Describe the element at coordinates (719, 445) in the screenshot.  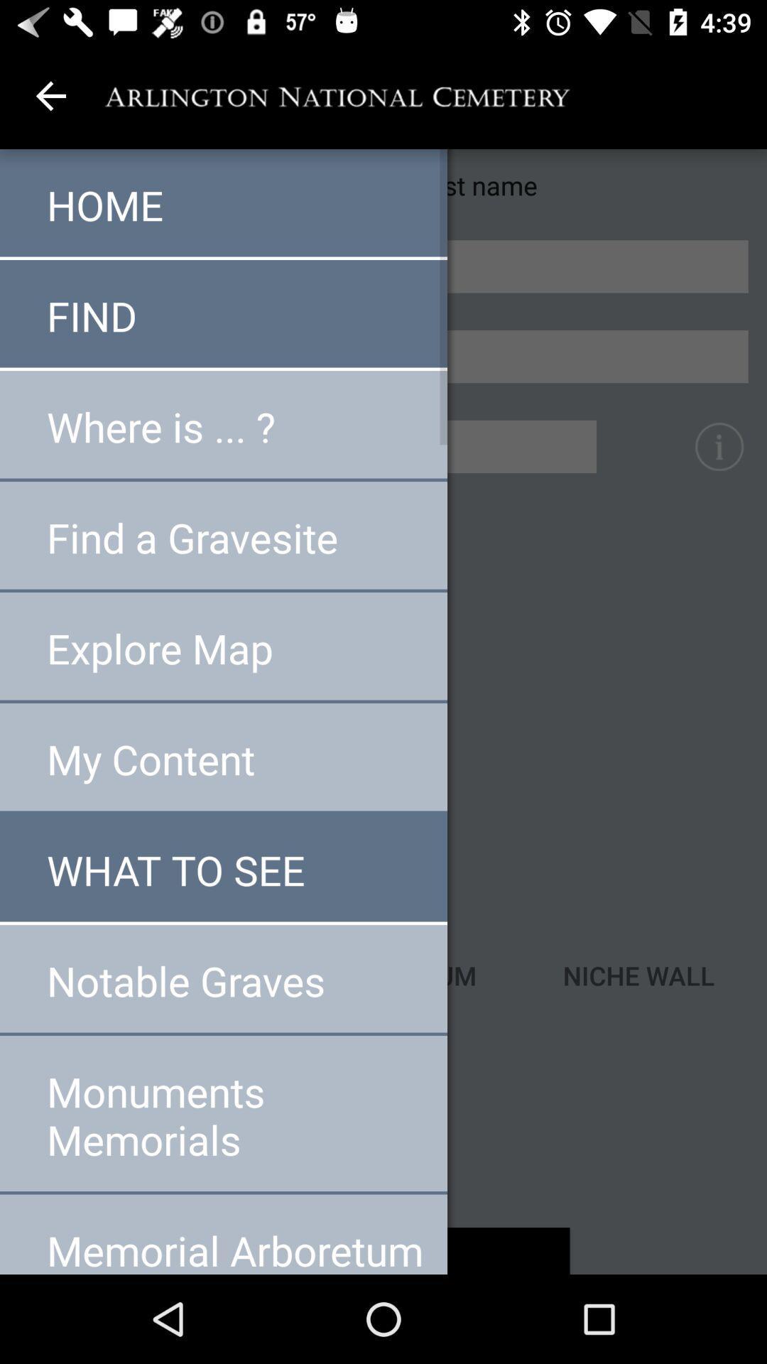
I see `the info icon` at that location.